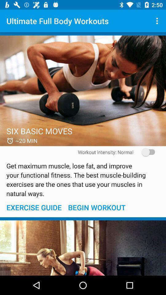 The width and height of the screenshot is (166, 295). What do you see at coordinates (34, 207) in the screenshot?
I see `the item to the left of begin workout icon` at bounding box center [34, 207].